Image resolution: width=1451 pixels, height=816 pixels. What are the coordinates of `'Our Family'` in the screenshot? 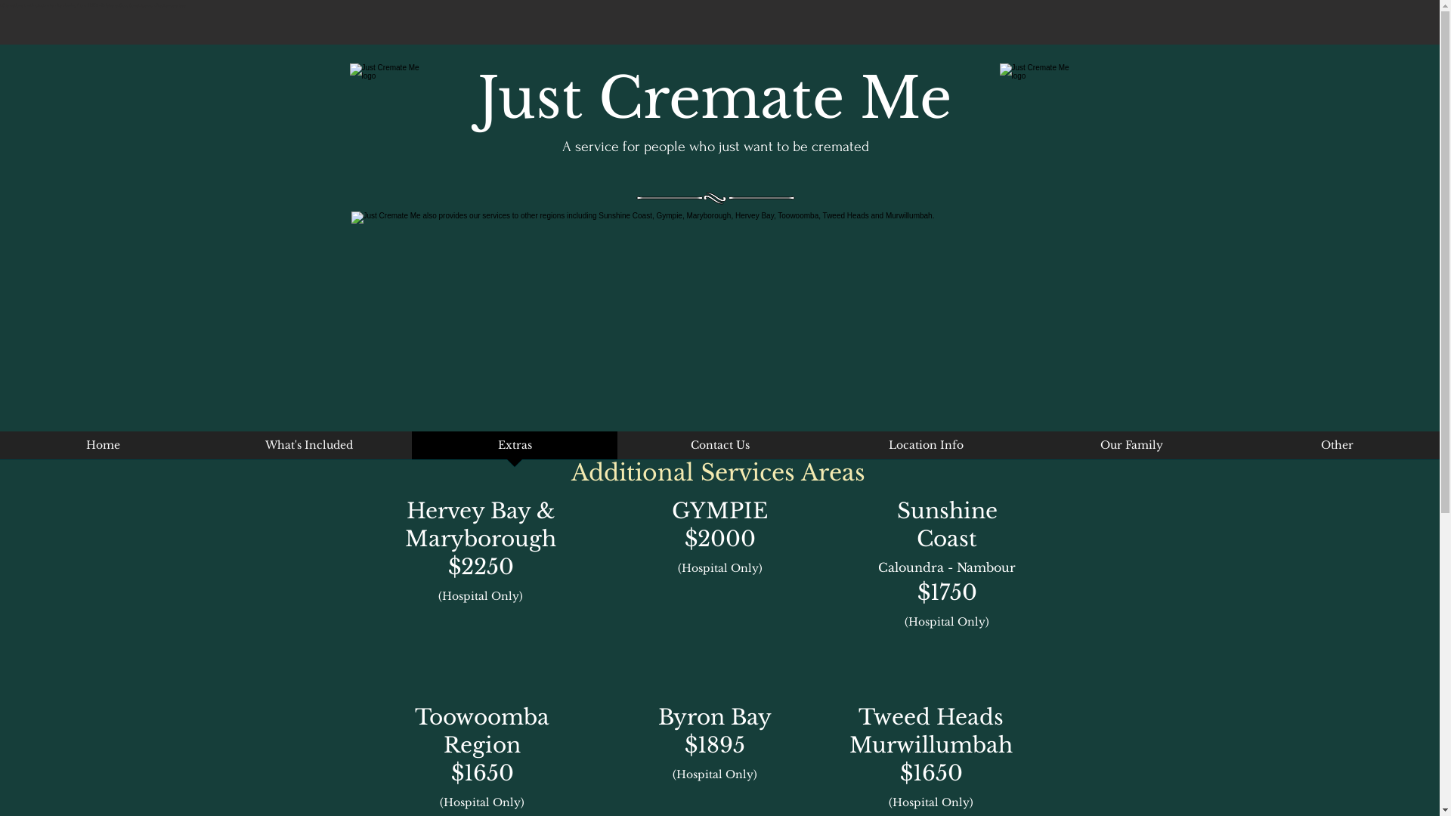 It's located at (1131, 450).